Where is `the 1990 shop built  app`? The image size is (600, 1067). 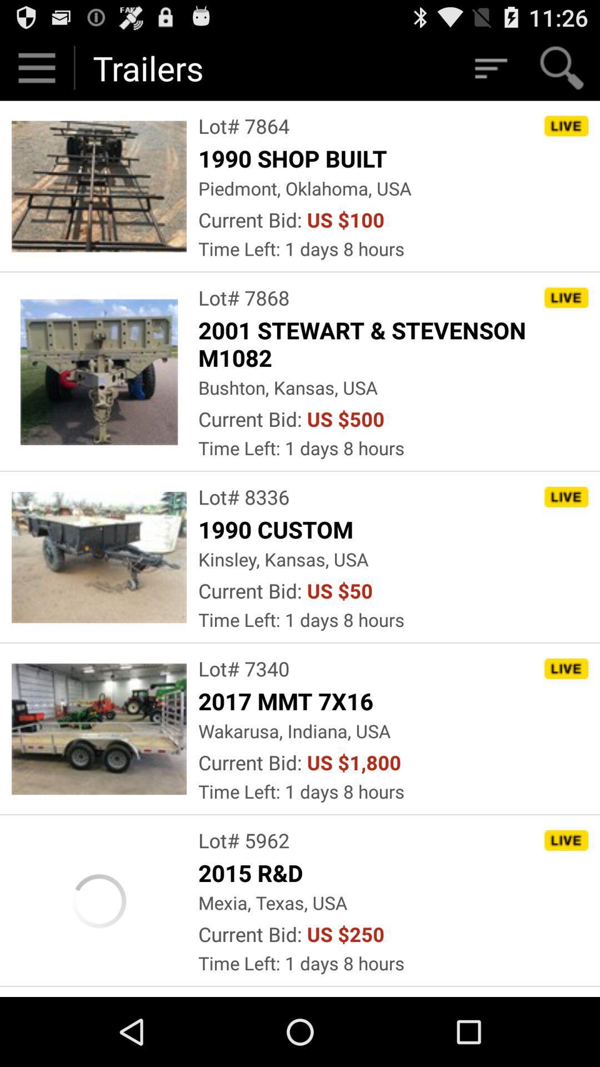 the 1990 shop built  app is located at coordinates (295, 157).